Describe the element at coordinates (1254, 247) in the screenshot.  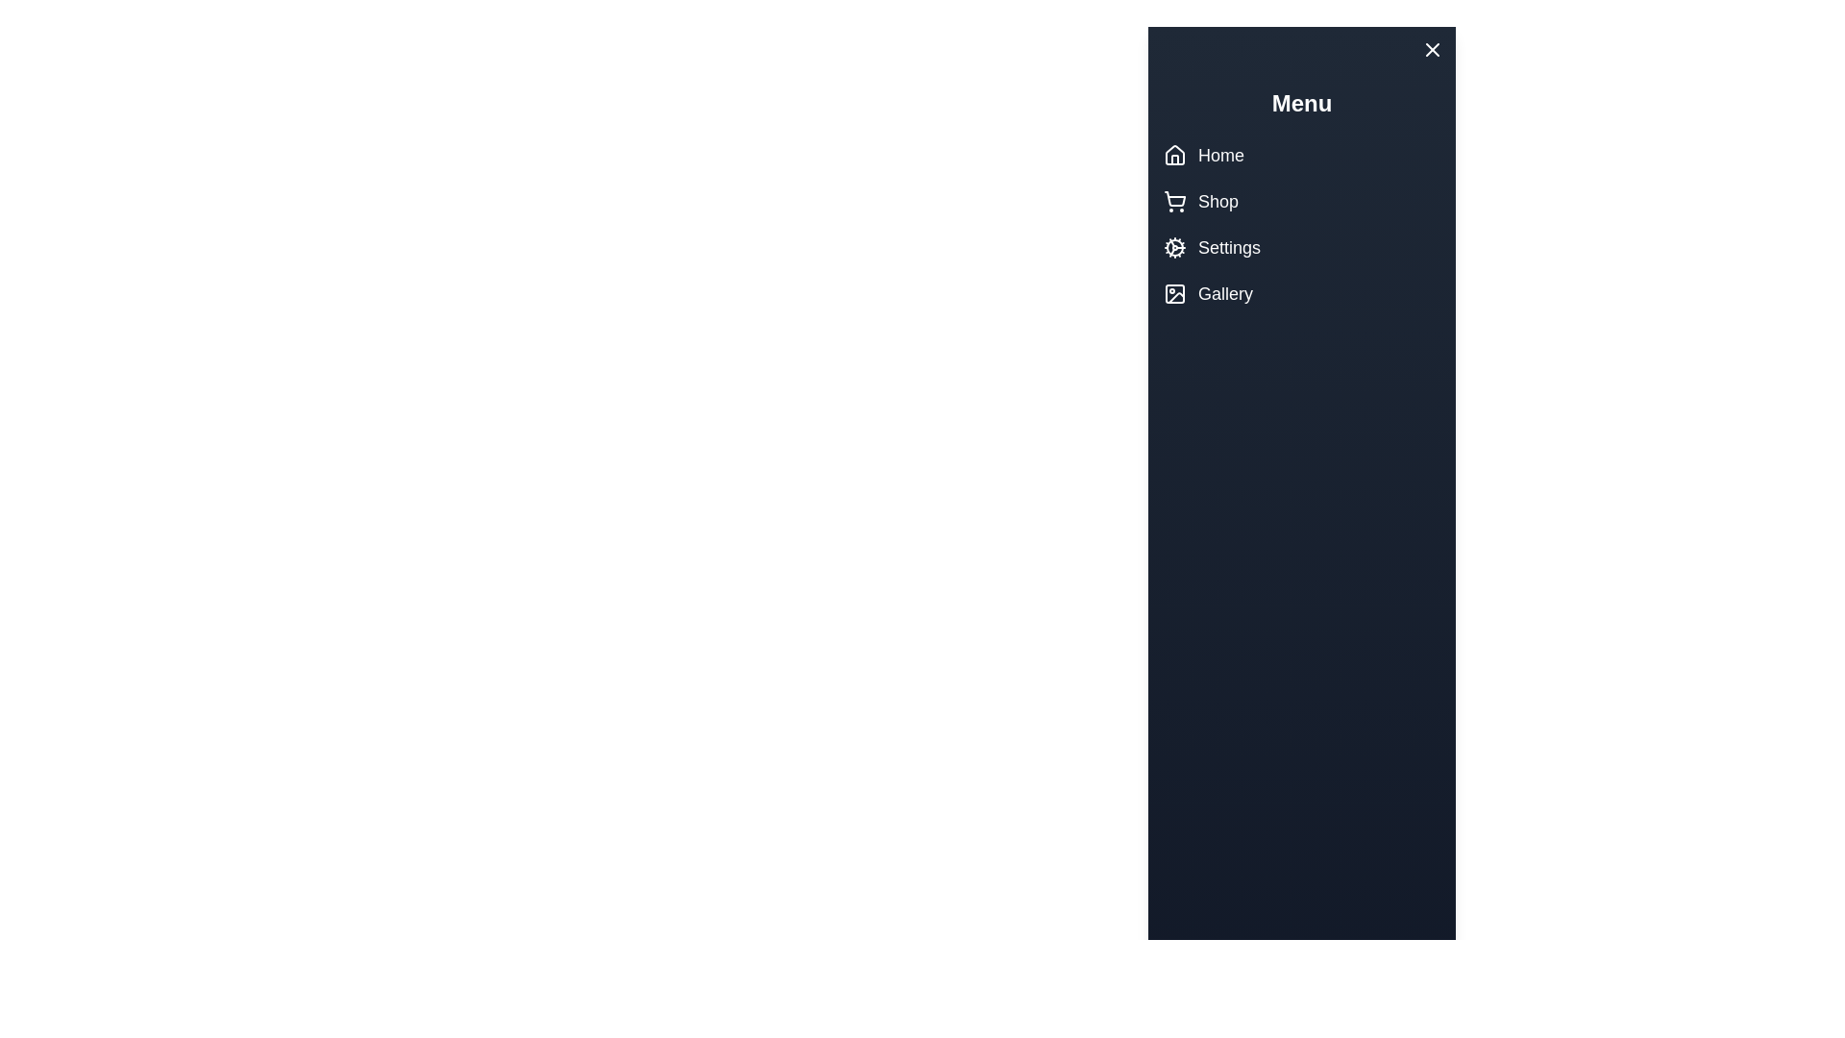
I see `the Settings menu item to navigate` at that location.